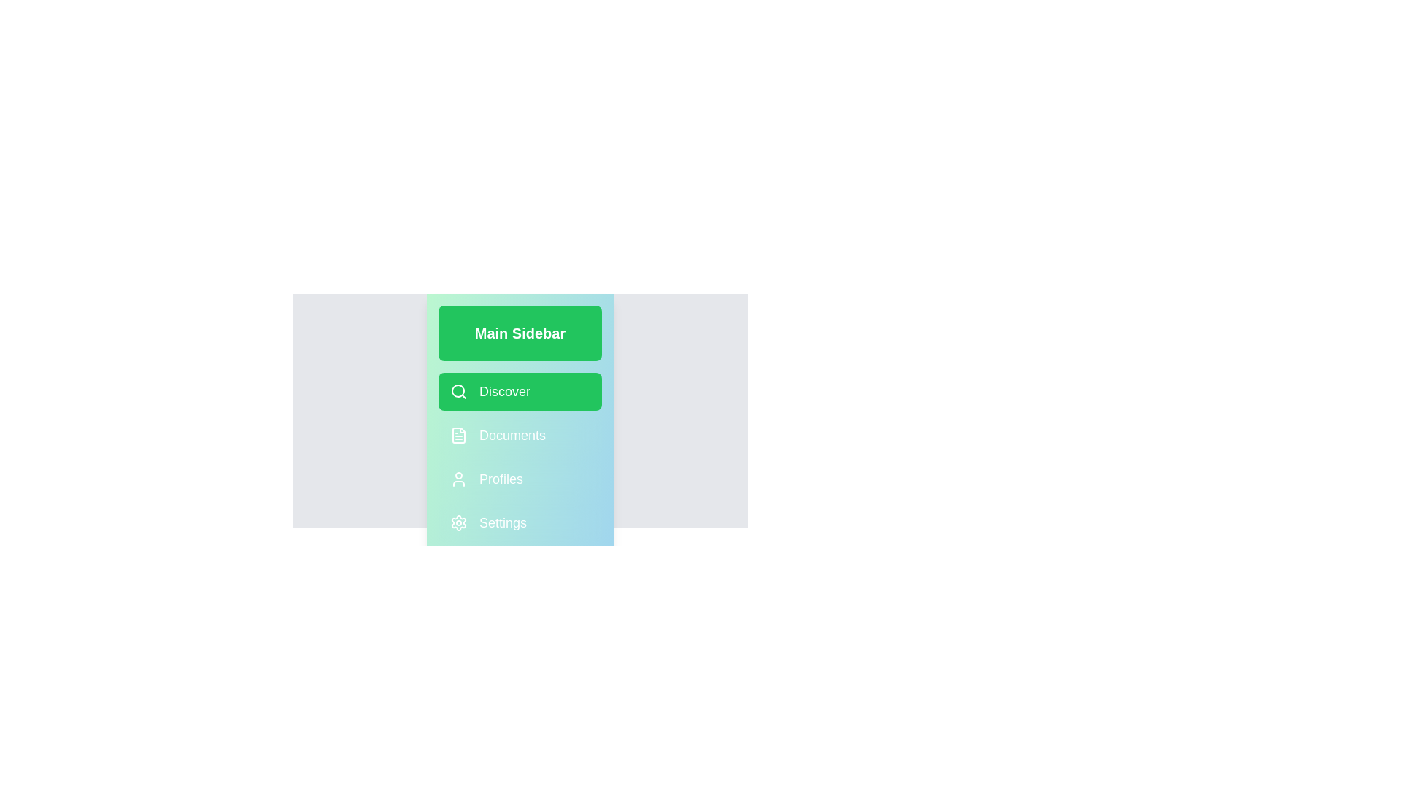 The height and width of the screenshot is (788, 1401). What do you see at coordinates (520, 565) in the screenshot?
I see `the navigation button for relaxation or leisure located below the 'Settings' button in the main sidebar` at bounding box center [520, 565].